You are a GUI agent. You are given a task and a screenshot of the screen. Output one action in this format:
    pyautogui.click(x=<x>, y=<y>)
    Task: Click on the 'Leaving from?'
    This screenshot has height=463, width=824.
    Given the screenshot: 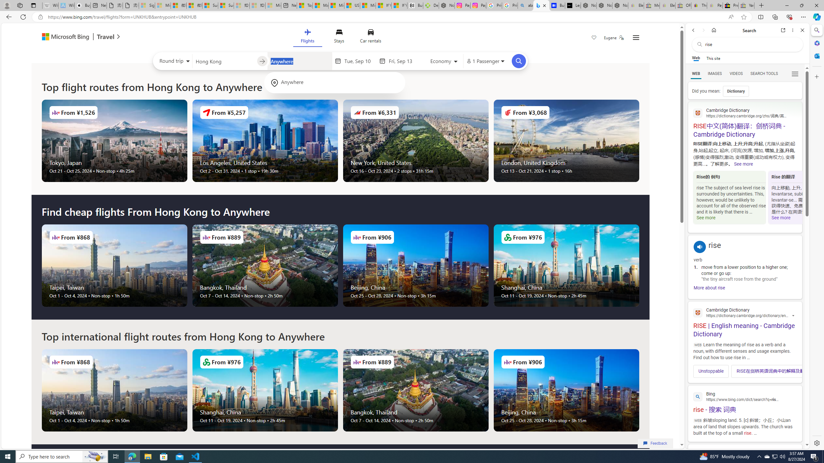 What is the action you would take?
    pyautogui.click(x=224, y=60)
    